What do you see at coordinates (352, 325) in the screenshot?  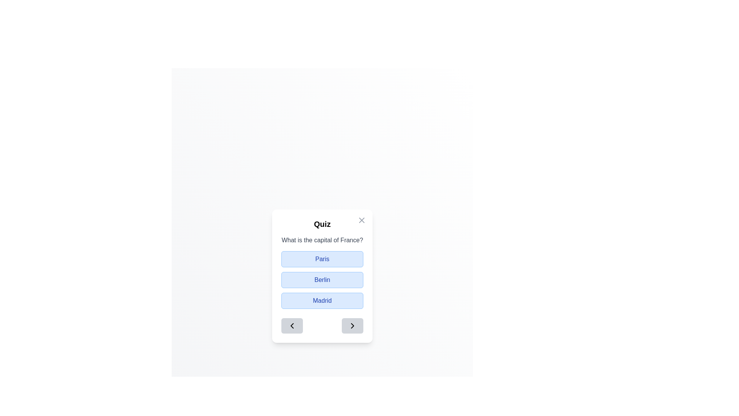 I see `the forward navigation icon located at the bottom-right corner of the dialog box to observe the hover effect` at bounding box center [352, 325].